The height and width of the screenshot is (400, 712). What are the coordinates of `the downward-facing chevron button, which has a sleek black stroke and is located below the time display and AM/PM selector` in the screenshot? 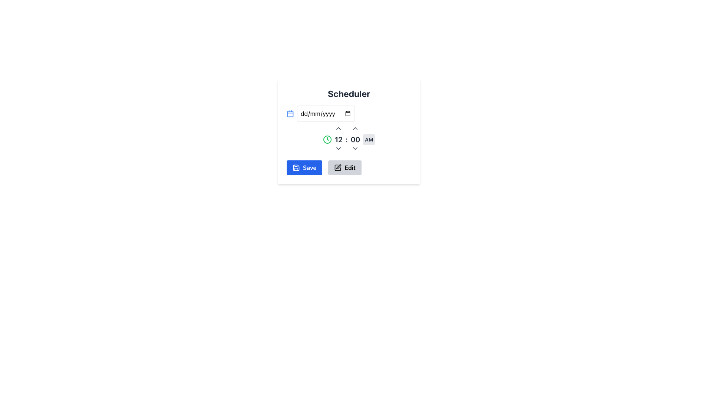 It's located at (355, 149).